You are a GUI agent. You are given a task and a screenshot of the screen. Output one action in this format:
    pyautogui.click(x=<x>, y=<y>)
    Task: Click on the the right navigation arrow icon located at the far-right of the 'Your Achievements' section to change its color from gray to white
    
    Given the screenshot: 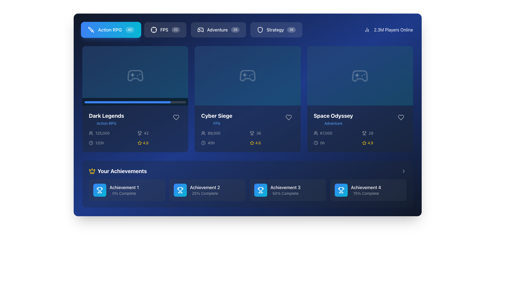 What is the action you would take?
    pyautogui.click(x=403, y=171)
    